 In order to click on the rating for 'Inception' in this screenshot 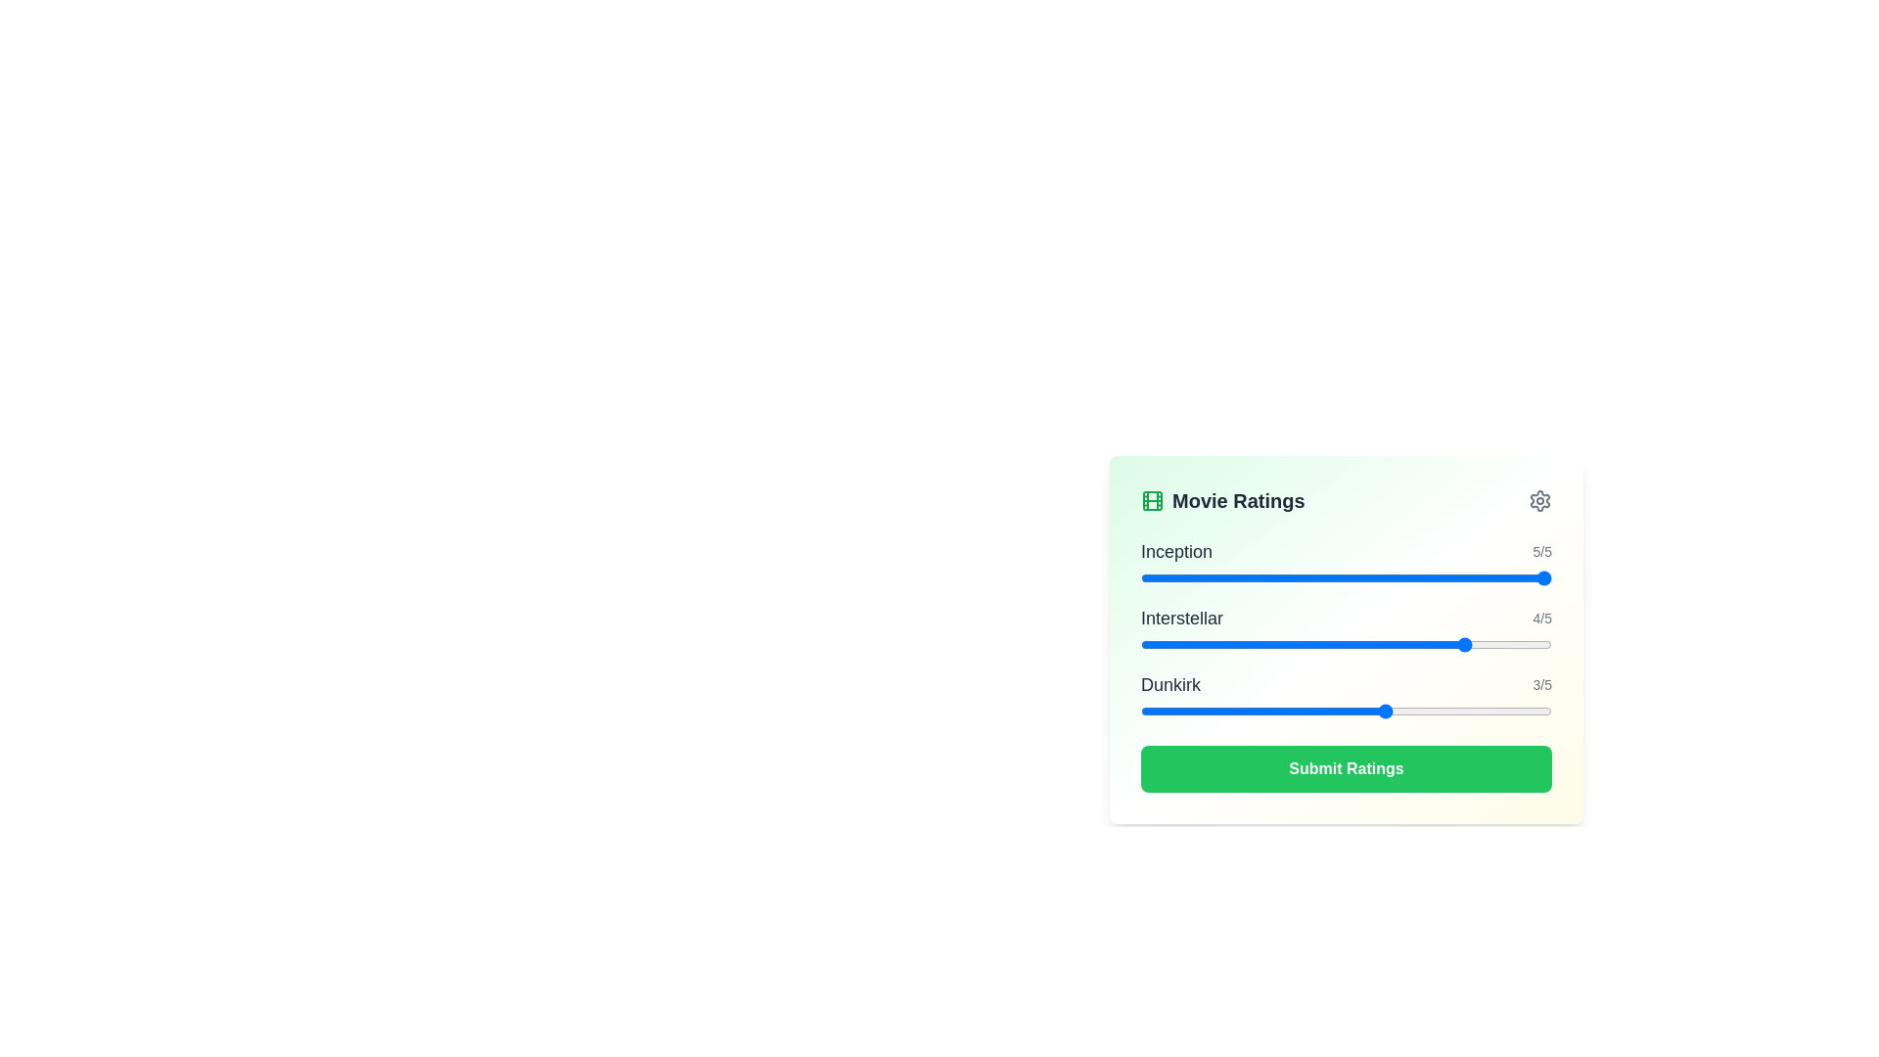, I will do `click(1470, 576)`.